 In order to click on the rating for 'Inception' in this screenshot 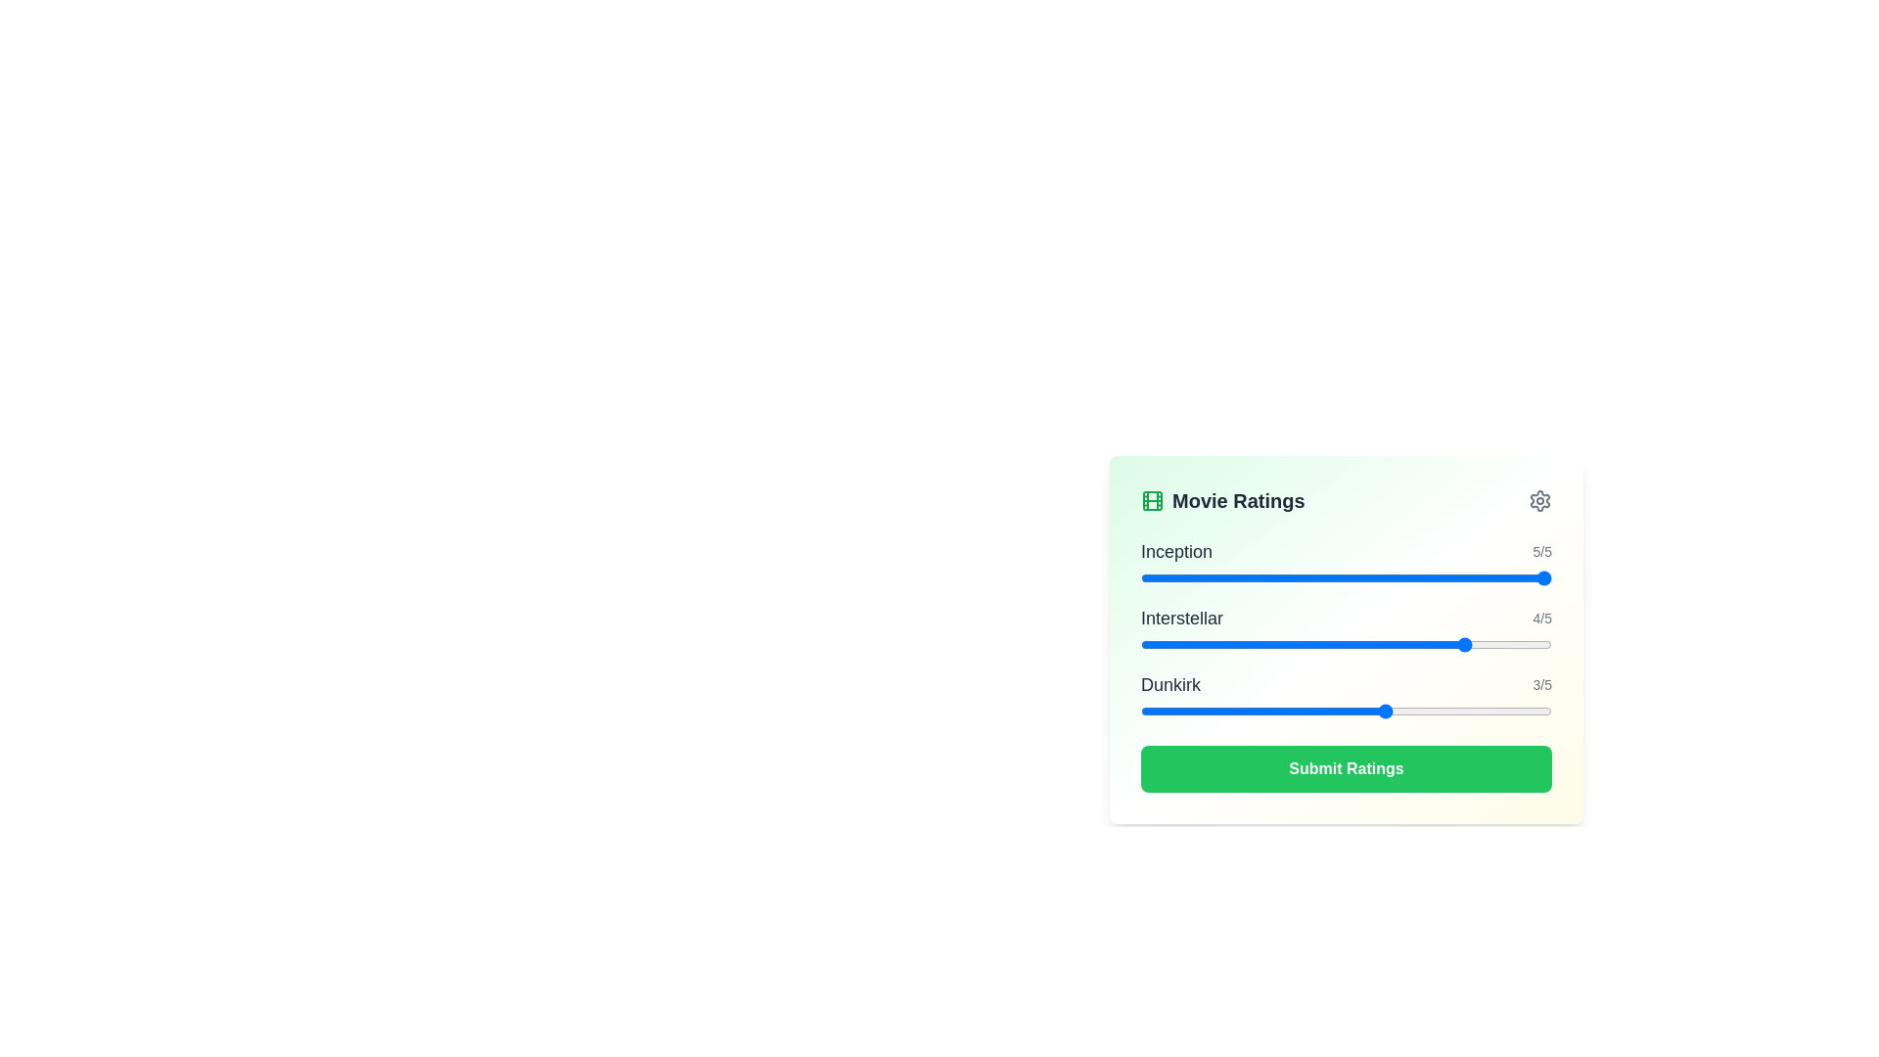, I will do `click(1470, 576)`.